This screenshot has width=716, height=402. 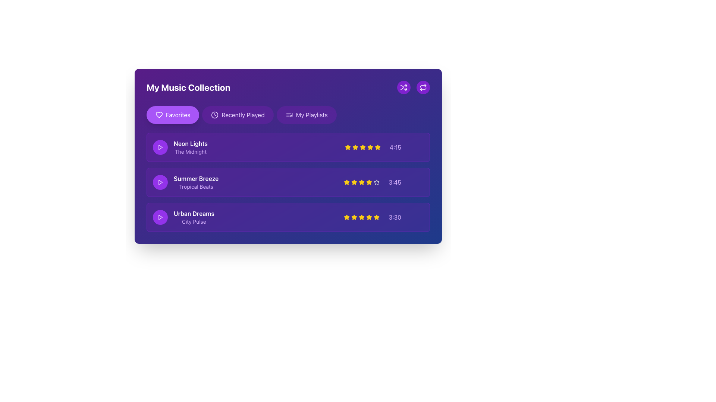 I want to click on the Text label displaying the duration of the music track, located on the right side of the second row of the playlist, adjacent to star icons and before a button, so click(x=395, y=182).